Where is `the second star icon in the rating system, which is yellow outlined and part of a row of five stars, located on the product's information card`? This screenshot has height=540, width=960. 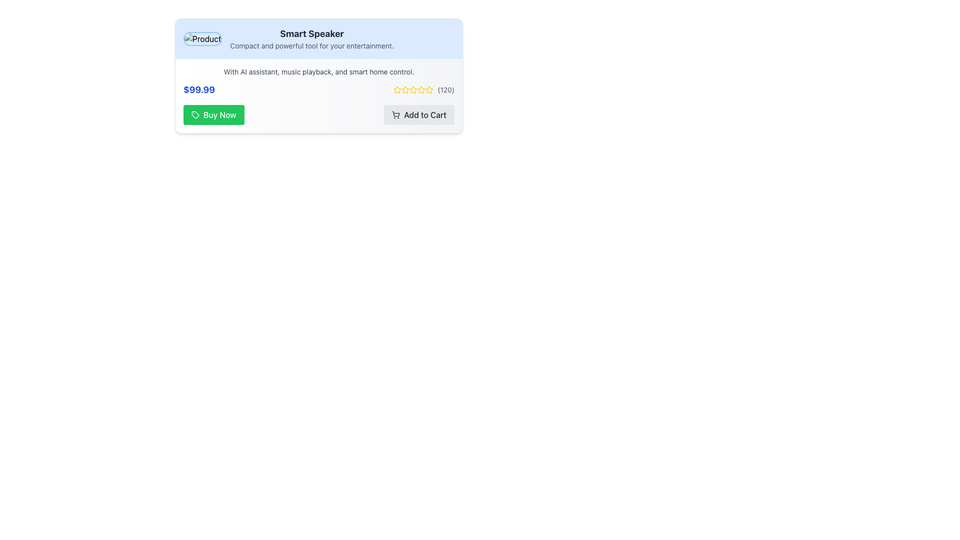 the second star icon in the rating system, which is yellow outlined and part of a row of five stars, located on the product's information card is located at coordinates (405, 89).